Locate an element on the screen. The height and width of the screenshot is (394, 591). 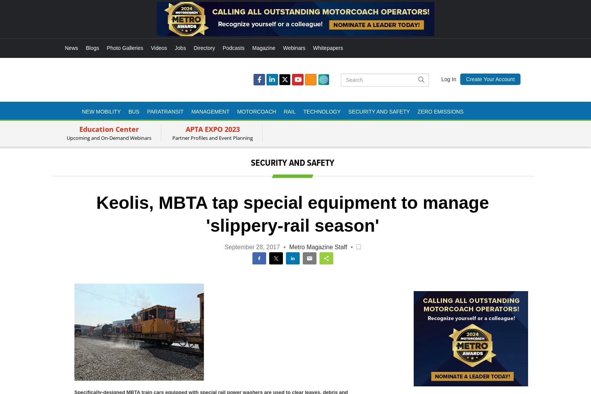
'APTA EXPO 2023' is located at coordinates (212, 129).